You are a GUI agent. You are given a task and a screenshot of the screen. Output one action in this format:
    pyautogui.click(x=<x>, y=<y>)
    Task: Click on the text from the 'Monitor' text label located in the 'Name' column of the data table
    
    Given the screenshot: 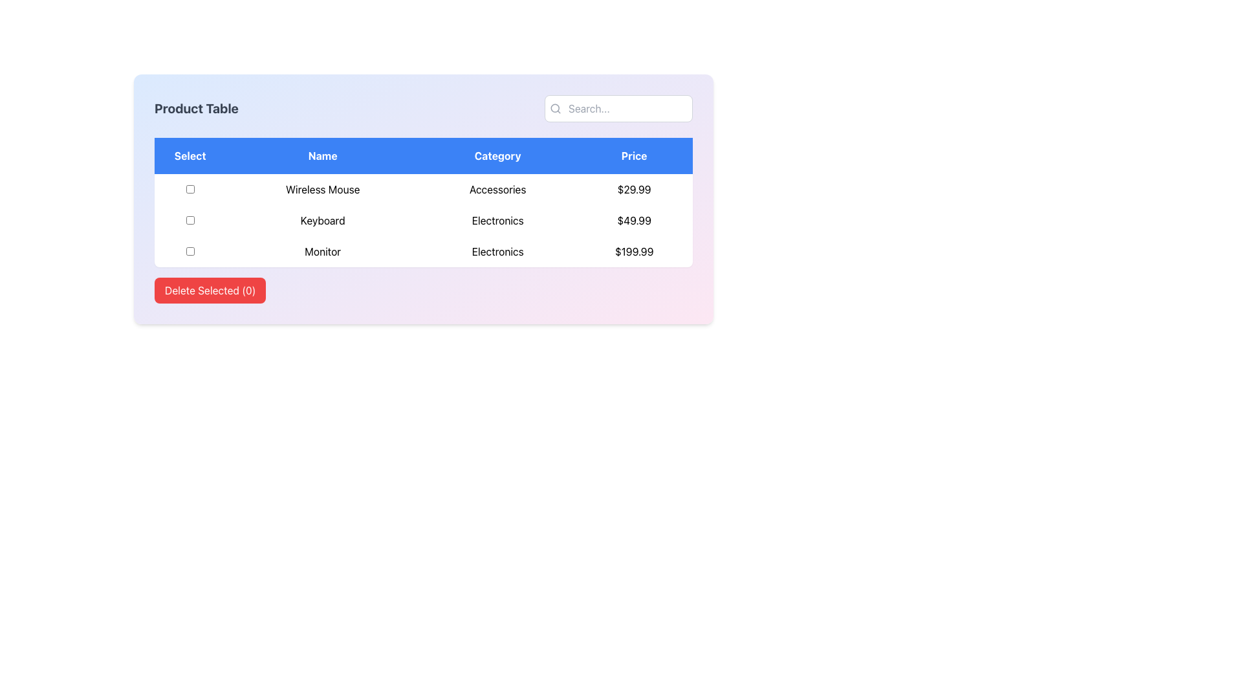 What is the action you would take?
    pyautogui.click(x=323, y=252)
    